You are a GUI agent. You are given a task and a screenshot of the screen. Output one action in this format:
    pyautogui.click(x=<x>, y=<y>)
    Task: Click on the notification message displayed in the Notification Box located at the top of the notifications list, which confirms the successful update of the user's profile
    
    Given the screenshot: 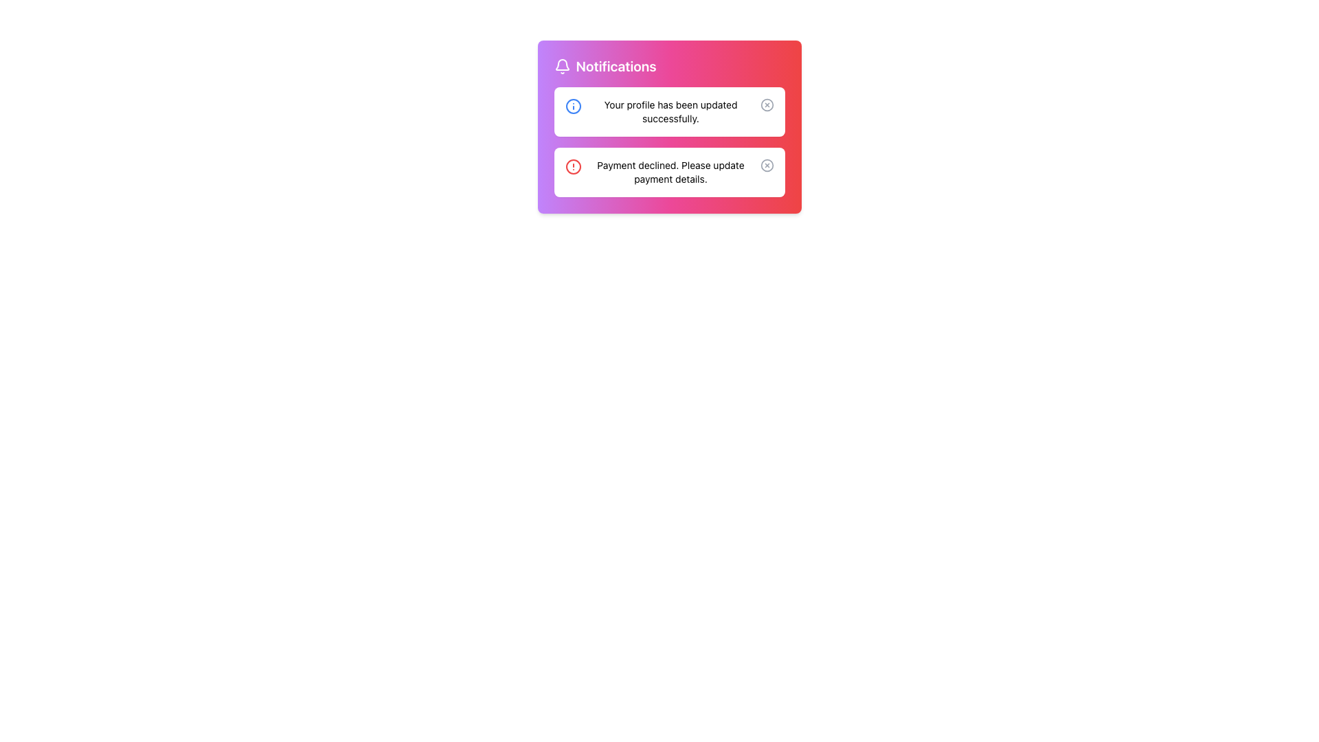 What is the action you would take?
    pyautogui.click(x=669, y=111)
    